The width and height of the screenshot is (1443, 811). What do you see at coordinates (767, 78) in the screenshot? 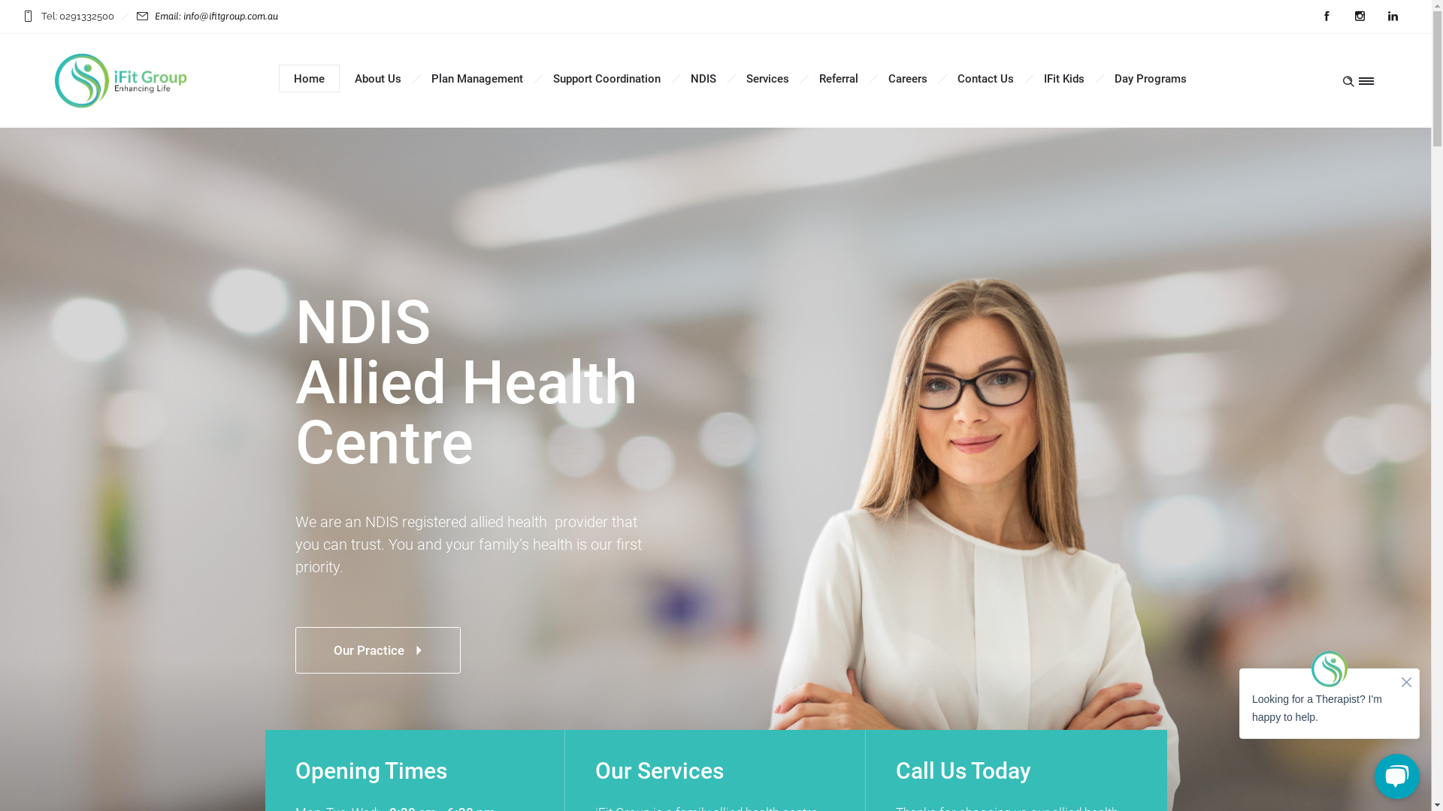
I see `'Services'` at bounding box center [767, 78].